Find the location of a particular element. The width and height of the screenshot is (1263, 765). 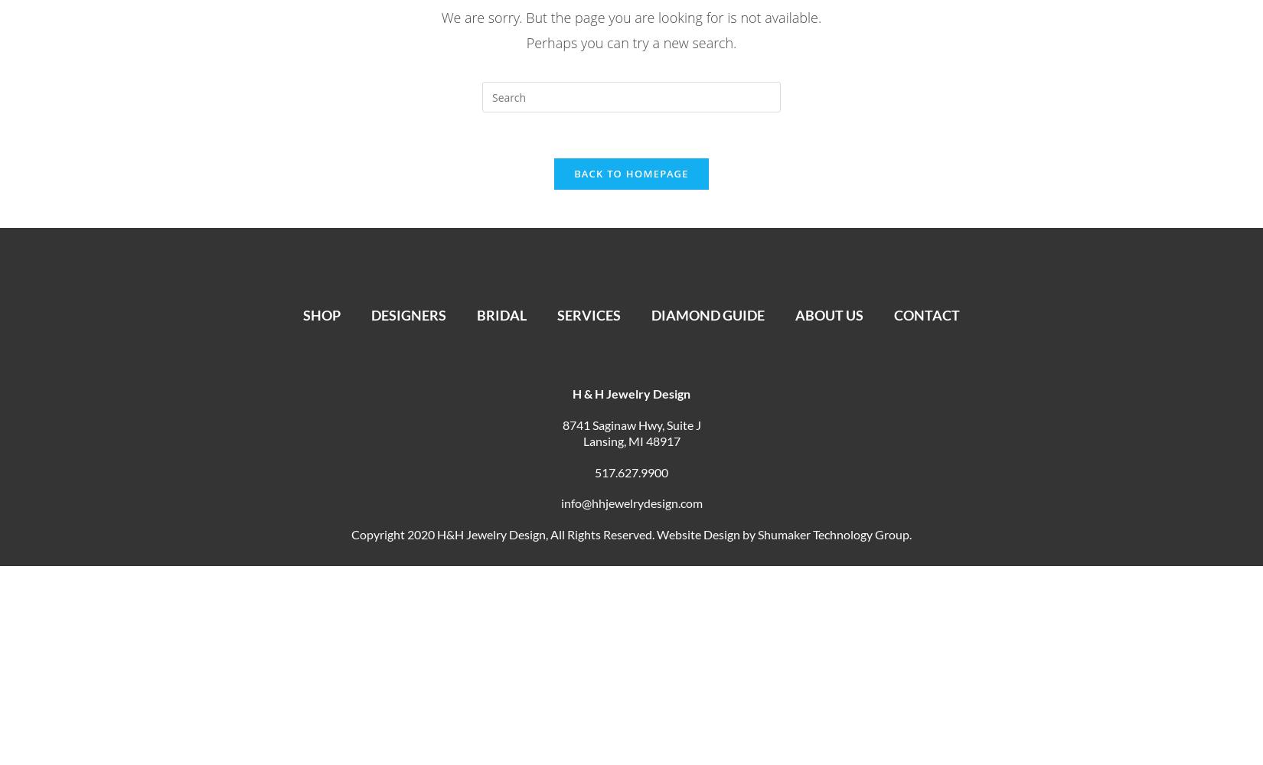

'8741 Saginaw Hwy, Suite J' is located at coordinates (560, 424).